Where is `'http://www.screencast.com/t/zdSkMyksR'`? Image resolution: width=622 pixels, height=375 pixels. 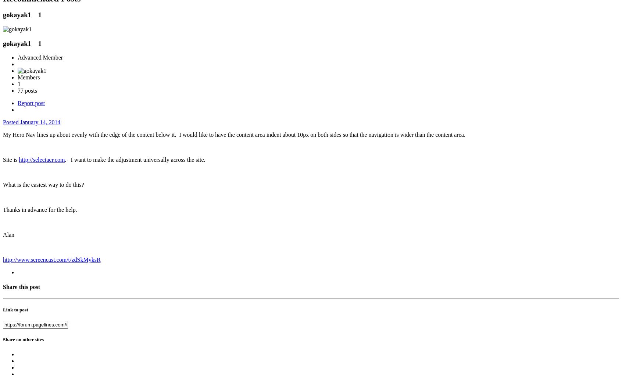
'http://www.screencast.com/t/zdSkMyksR' is located at coordinates (51, 259).